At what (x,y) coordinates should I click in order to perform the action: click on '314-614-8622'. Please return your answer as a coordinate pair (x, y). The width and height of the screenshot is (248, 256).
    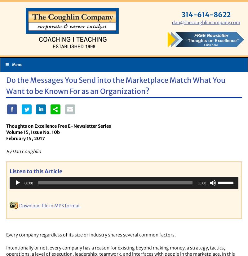
    Looking at the image, I should click on (206, 14).